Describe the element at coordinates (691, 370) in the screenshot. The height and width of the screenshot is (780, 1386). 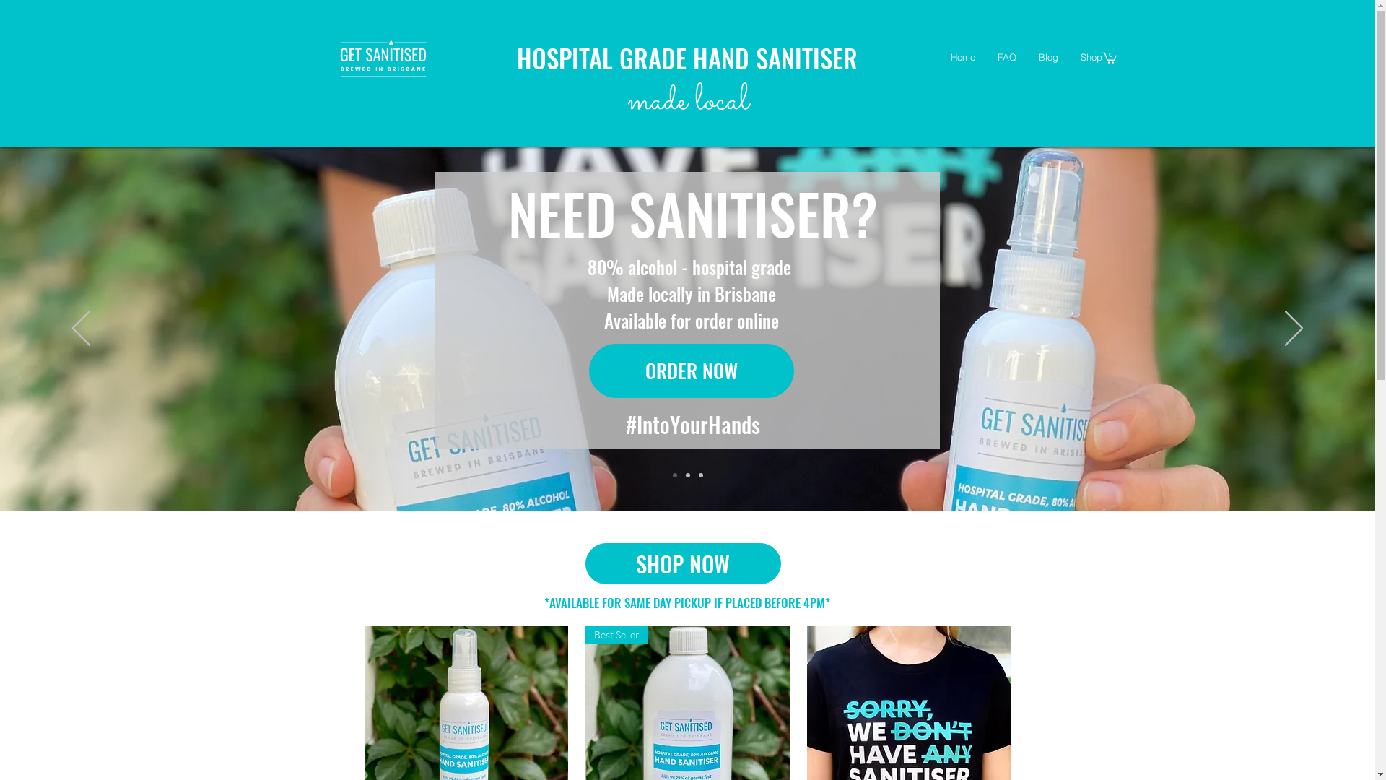
I see `'ORDER NOW'` at that location.